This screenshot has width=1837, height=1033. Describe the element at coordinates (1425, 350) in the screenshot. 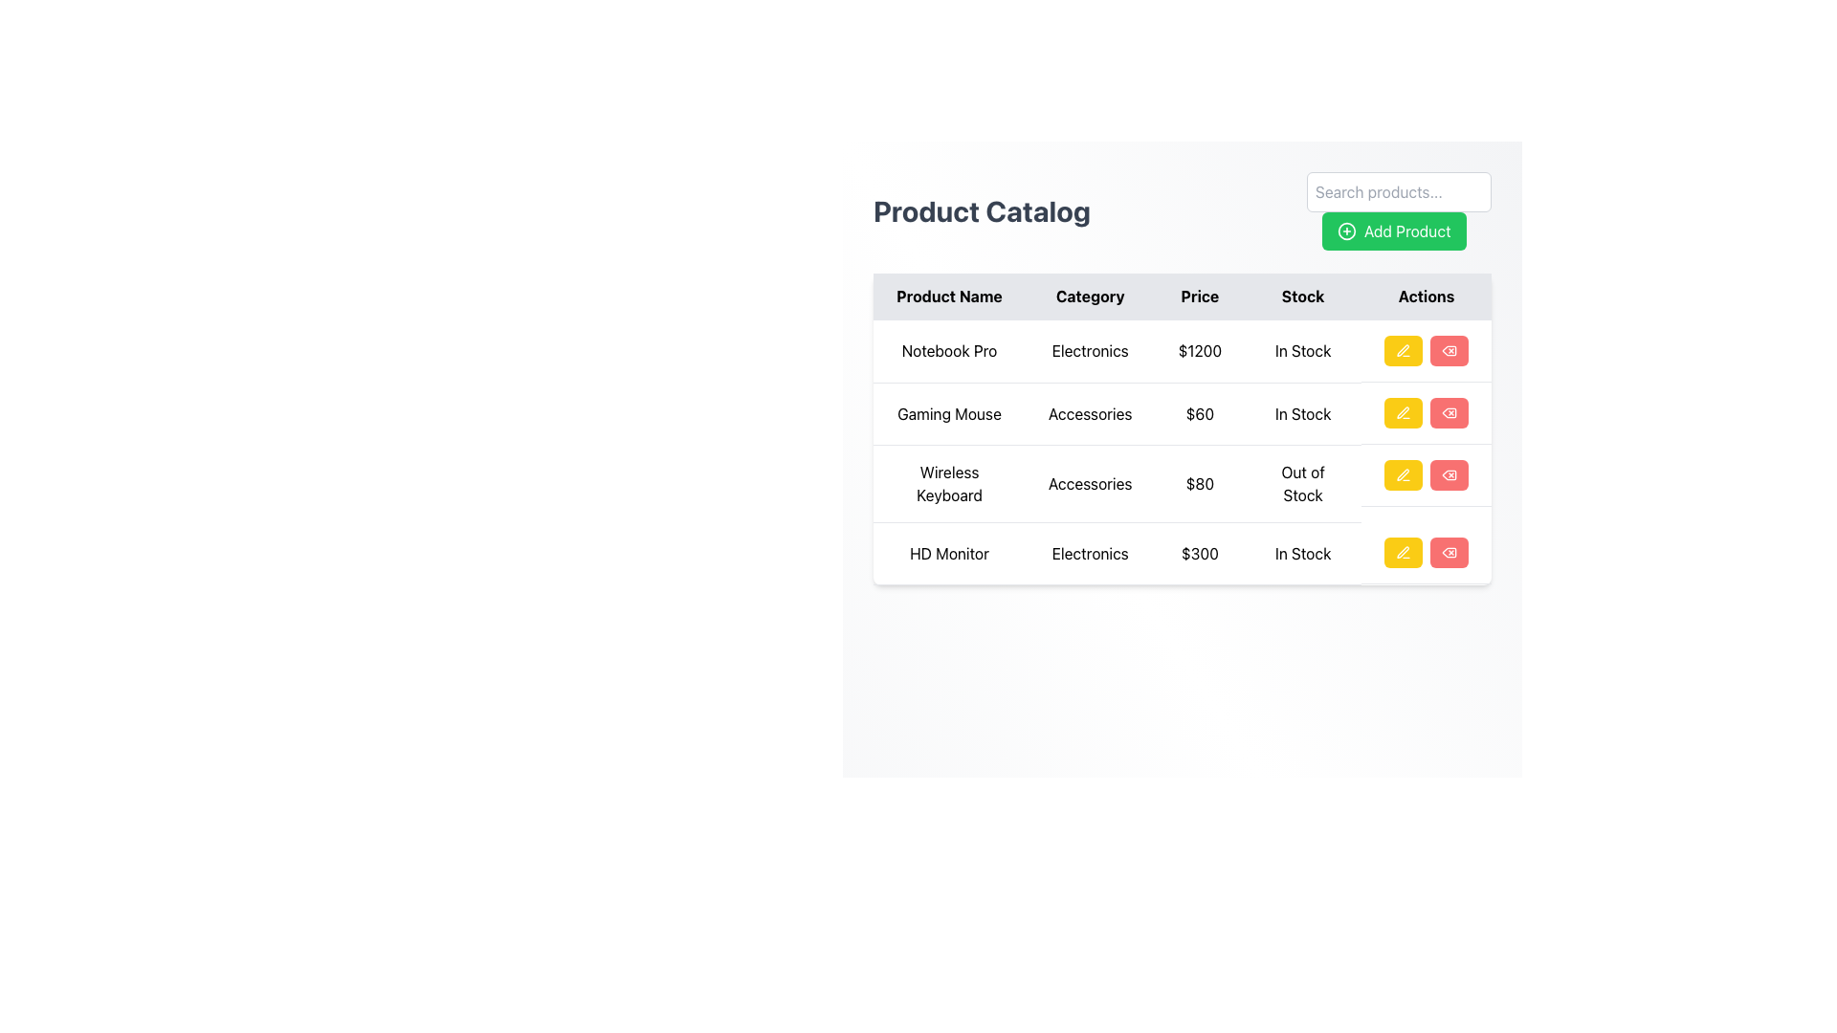

I see `the yellow edit button located in the Actions column of the first row for the product 'Notebook Pro'. This button is positioned to the far-right within its row, adjacent to the 'In Stock' status` at that location.